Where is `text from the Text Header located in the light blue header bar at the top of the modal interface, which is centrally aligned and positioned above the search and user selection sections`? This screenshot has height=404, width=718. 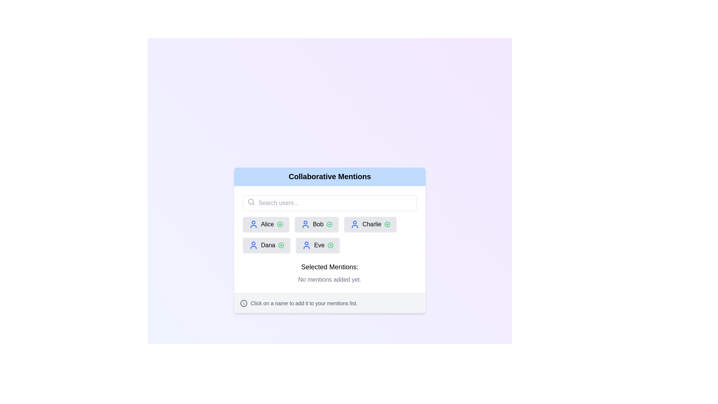 text from the Text Header located in the light blue header bar at the top of the modal interface, which is centrally aligned and positioned above the search and user selection sections is located at coordinates (329, 176).